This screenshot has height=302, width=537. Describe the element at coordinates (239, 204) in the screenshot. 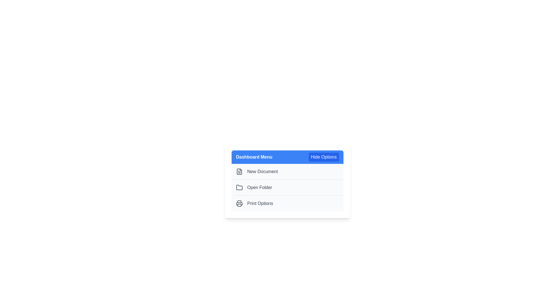

I see `the printer icon, which is styled in a minimalist outline format, located below the 'Dashboard Menu' header and grouped with other icons and labels` at that location.